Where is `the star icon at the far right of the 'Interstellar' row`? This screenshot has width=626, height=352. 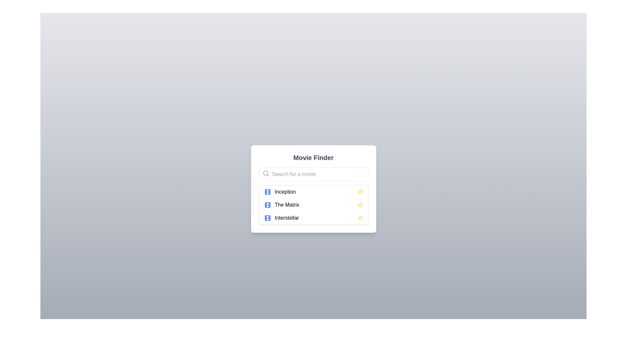 the star icon at the far right of the 'Interstellar' row is located at coordinates (360, 218).